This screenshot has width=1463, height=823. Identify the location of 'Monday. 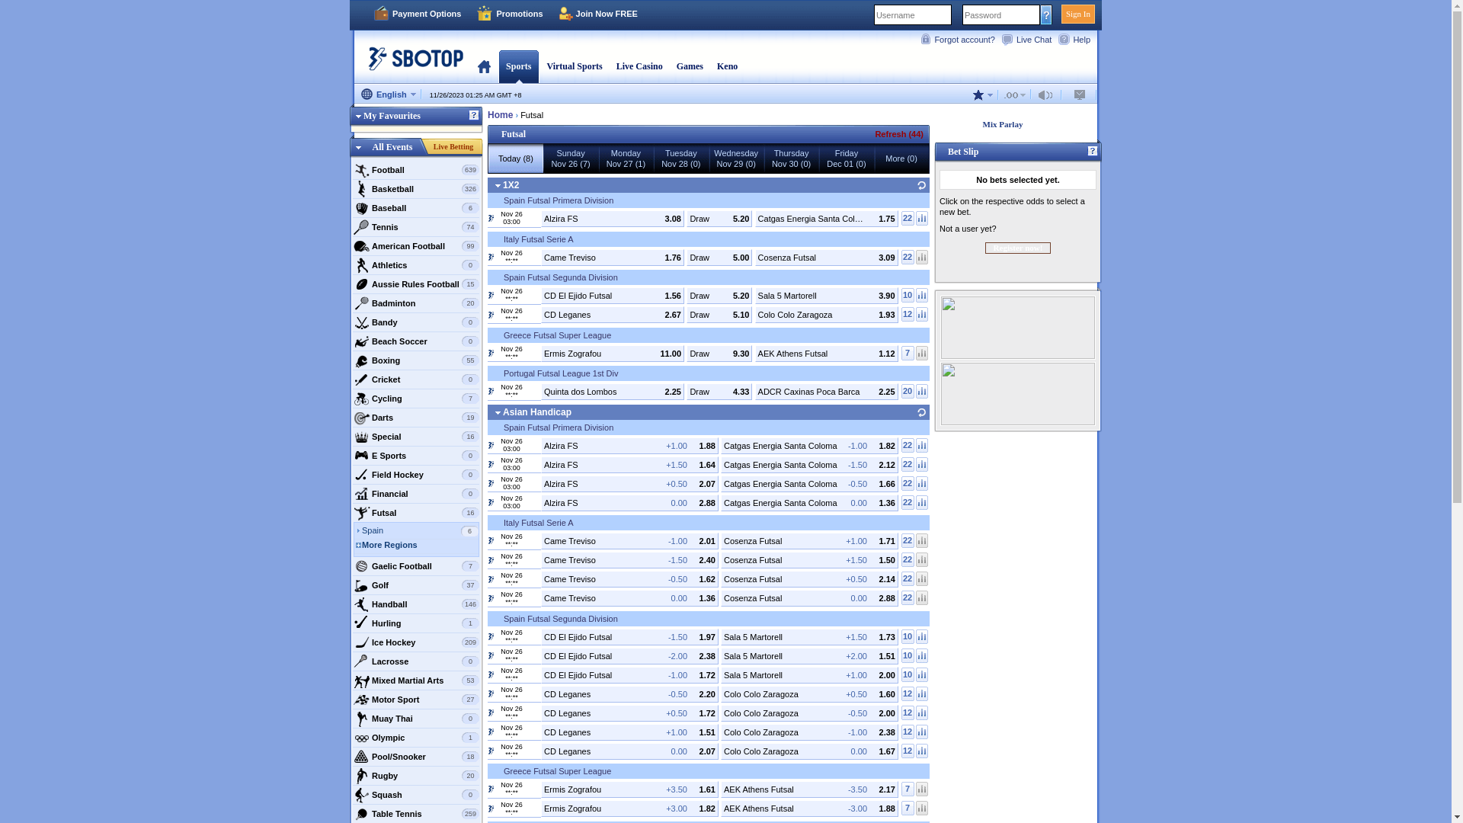
(625, 159).